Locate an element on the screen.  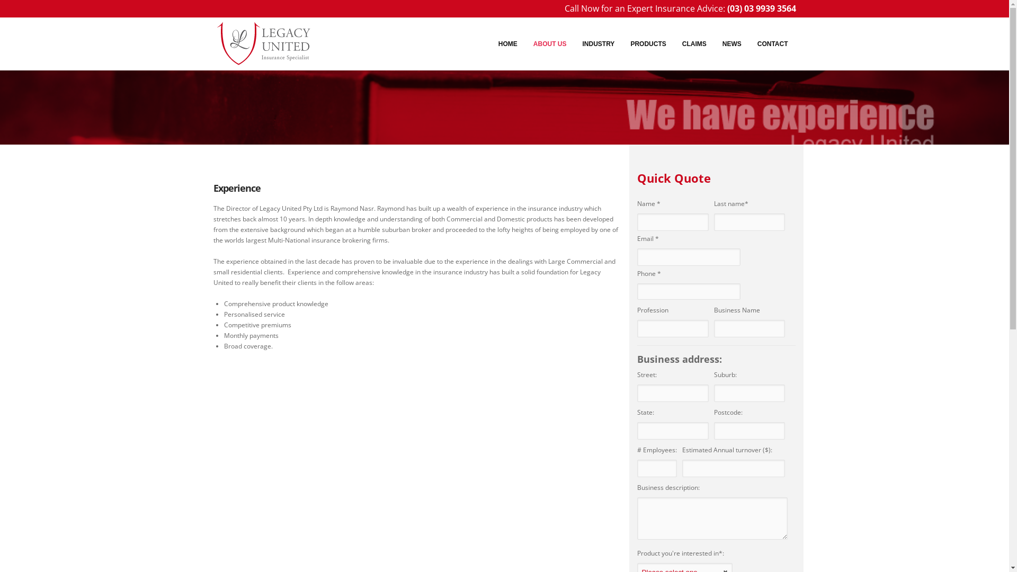
'Experience' is located at coordinates (212, 187).